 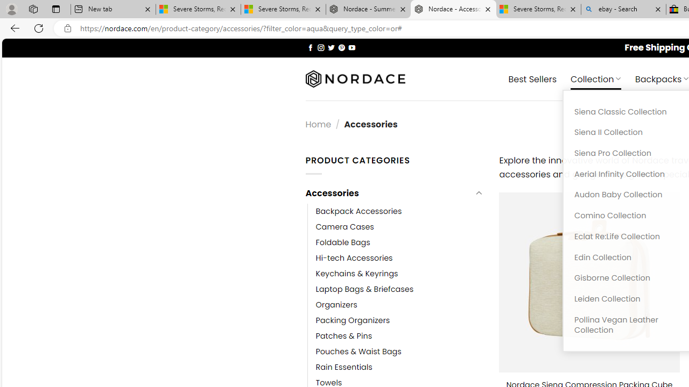 I want to click on 'Rain Essentials', so click(x=343, y=367).